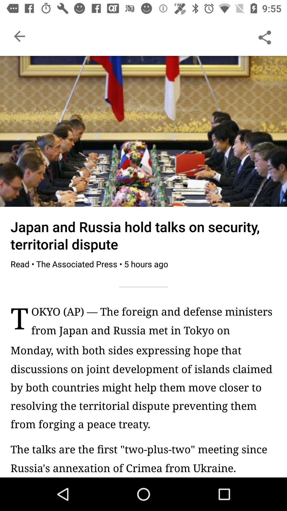 Image resolution: width=287 pixels, height=511 pixels. I want to click on the okyo ap the, so click(154, 323).